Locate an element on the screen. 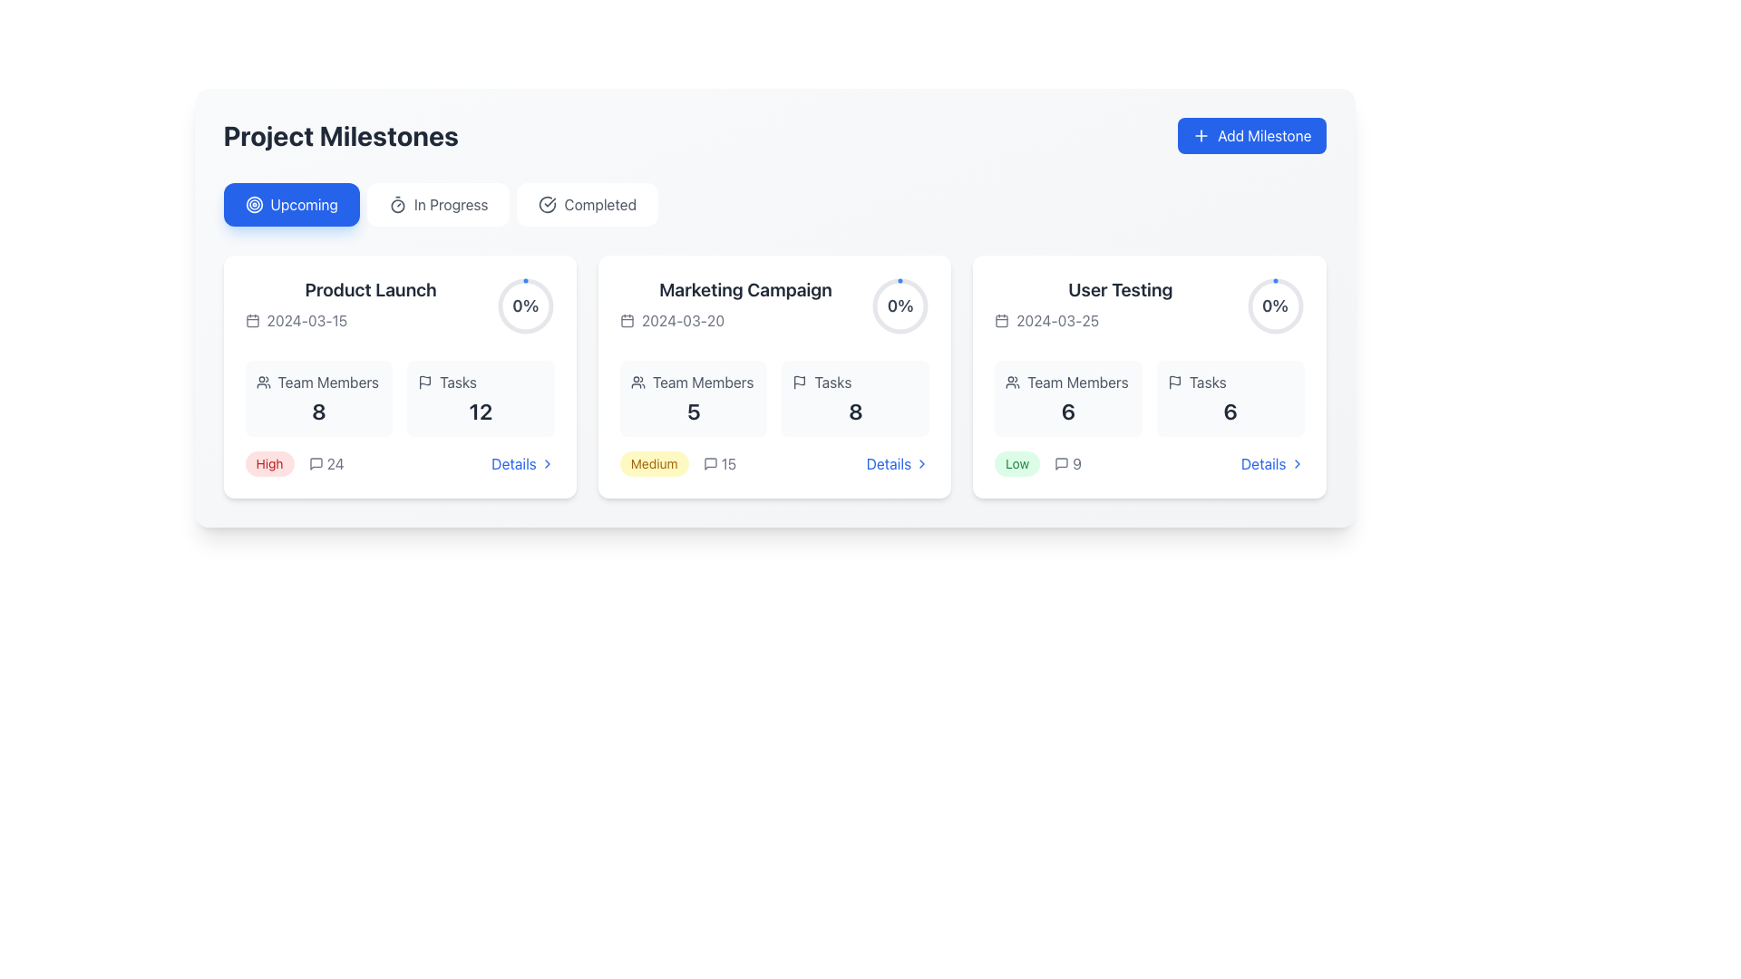 The width and height of the screenshot is (1741, 979). the chat bubble icon located in the 'Product Launch' card section under the 'High' label is located at coordinates (316, 463).